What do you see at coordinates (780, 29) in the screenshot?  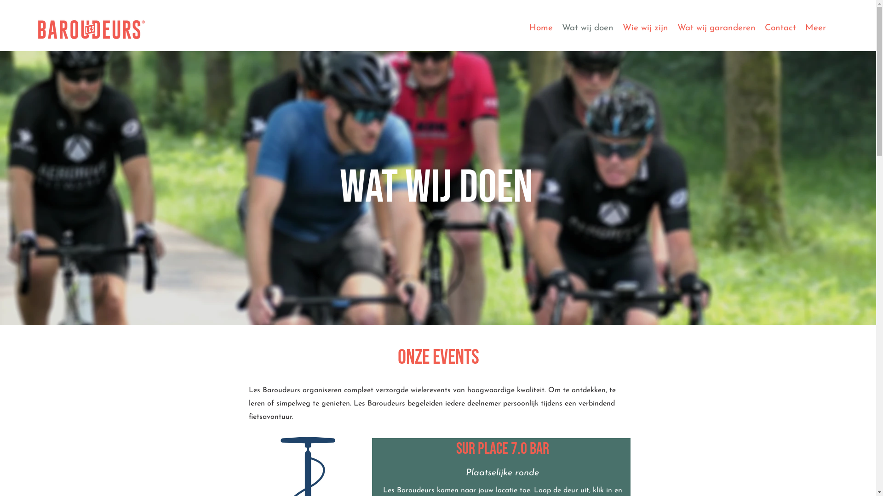 I see `'Contact'` at bounding box center [780, 29].